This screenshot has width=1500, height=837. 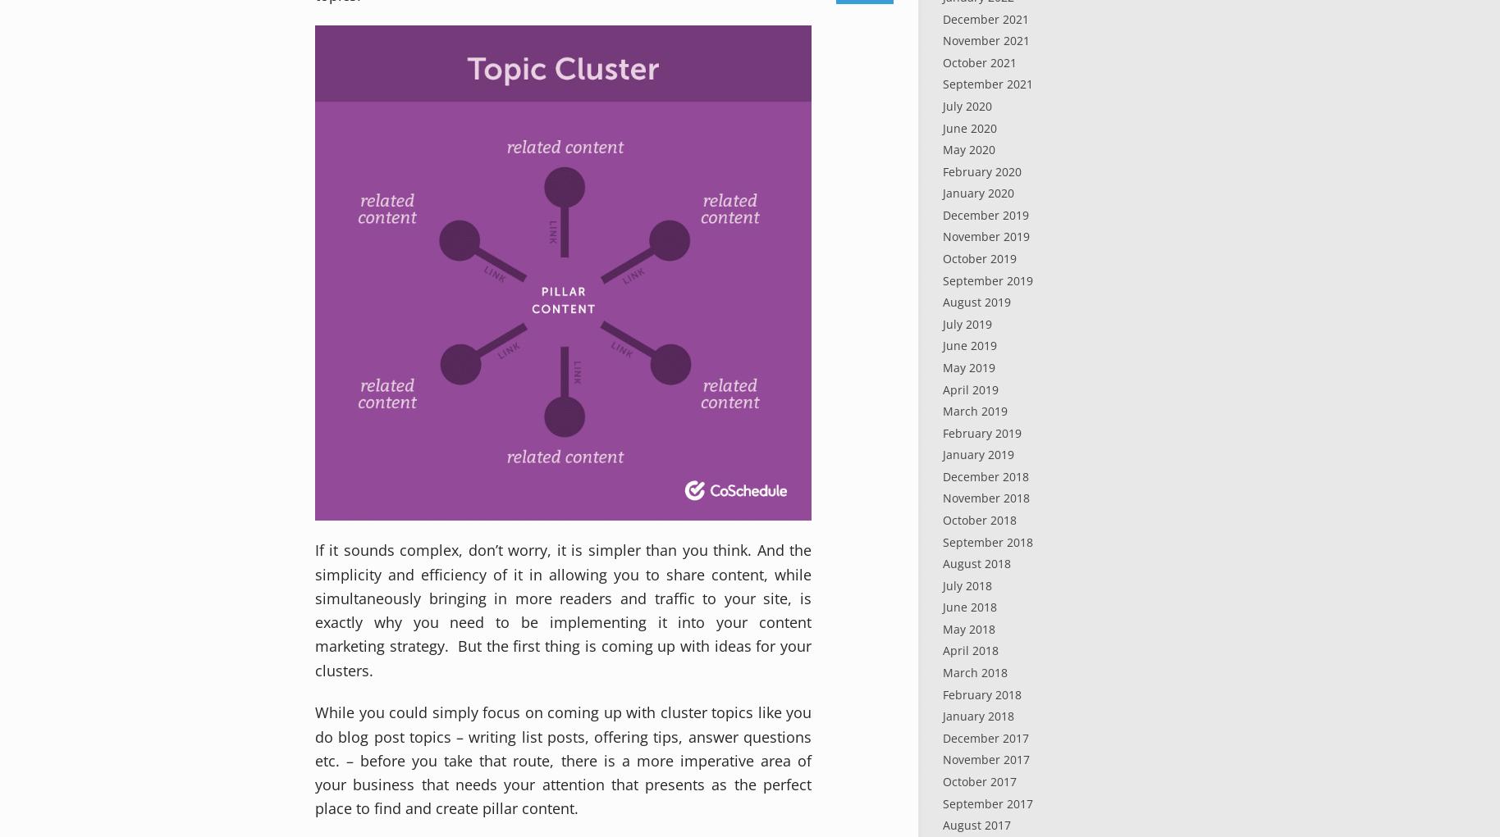 I want to click on 'October 2017', so click(x=979, y=780).